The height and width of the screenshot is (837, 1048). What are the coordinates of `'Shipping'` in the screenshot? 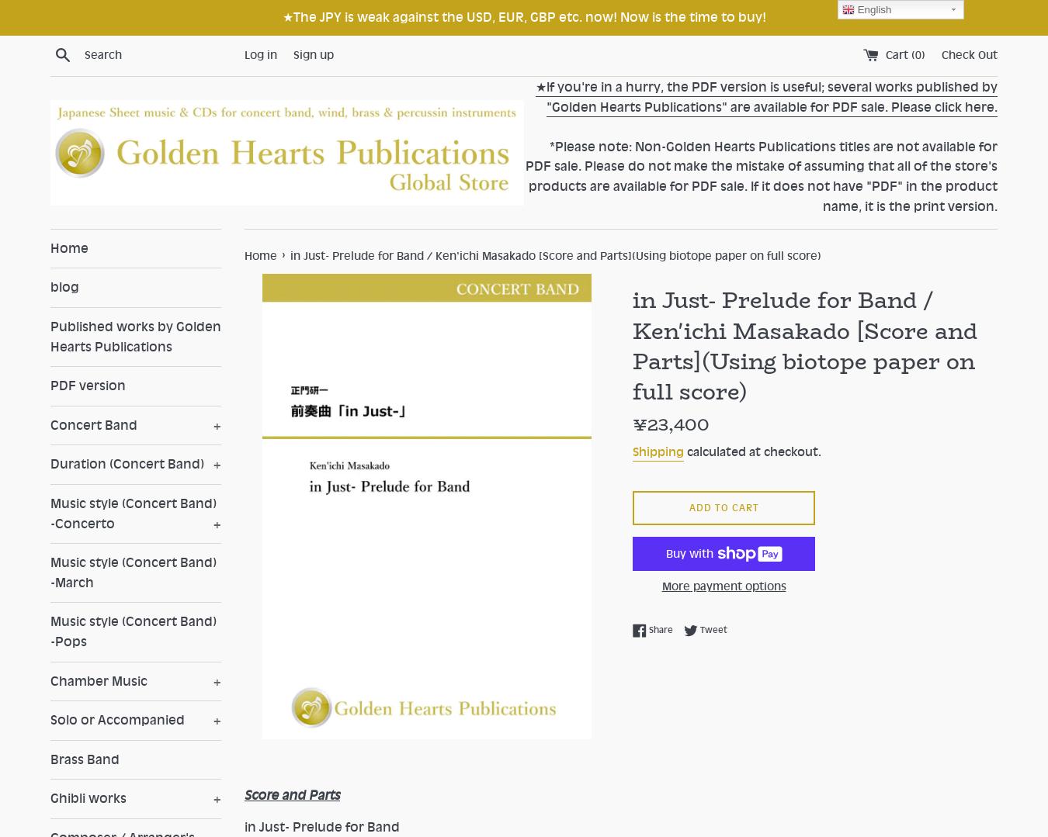 It's located at (658, 451).